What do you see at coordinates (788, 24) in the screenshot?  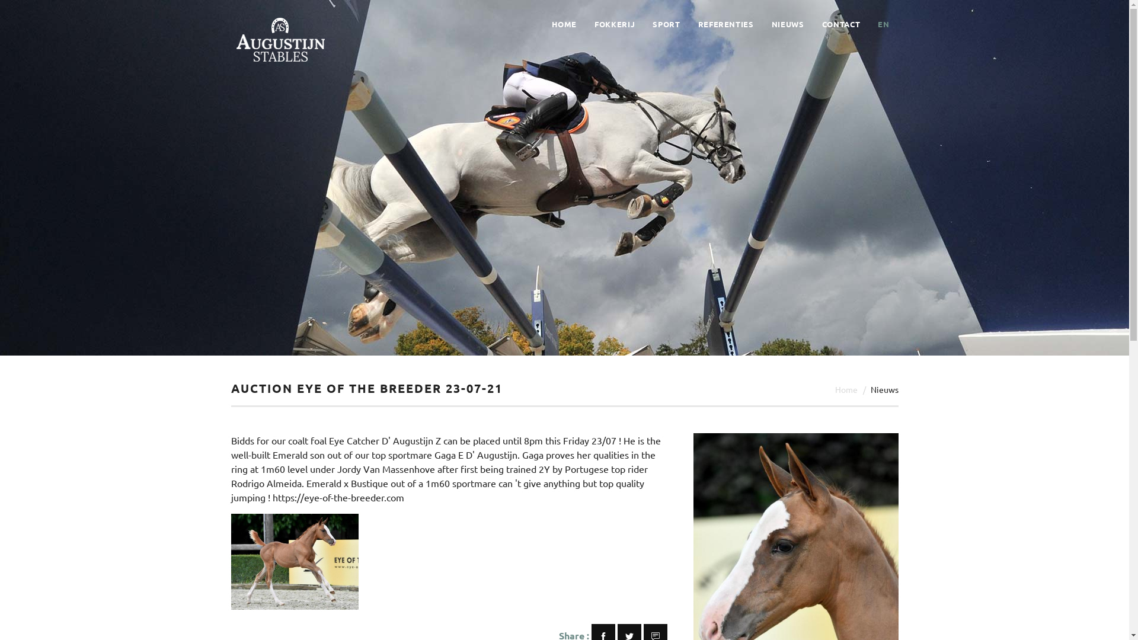 I see `'NIEUWS'` at bounding box center [788, 24].